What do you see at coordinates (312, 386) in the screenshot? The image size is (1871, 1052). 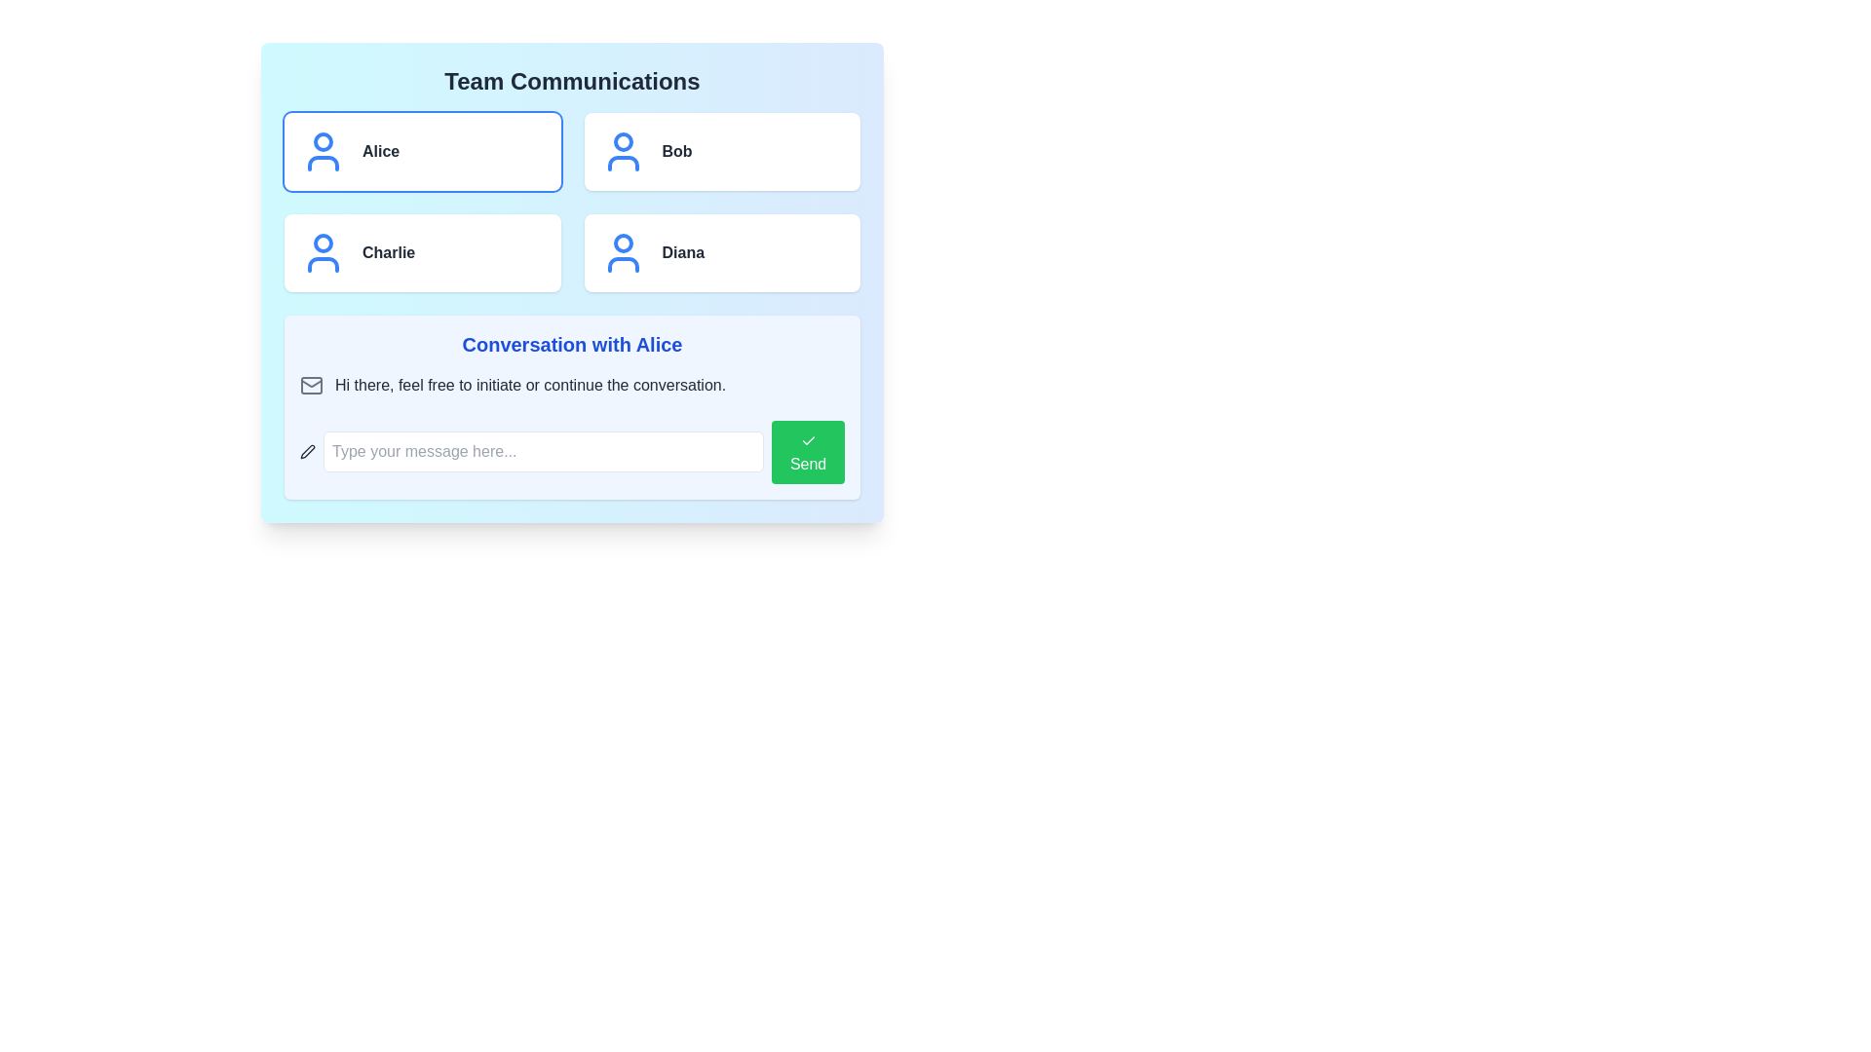 I see `the email or messaging service icon located to the left of the text message 'Hi there, feel free to initiate or continue the conversation.' in the 'Conversation with Alice' section` at bounding box center [312, 386].